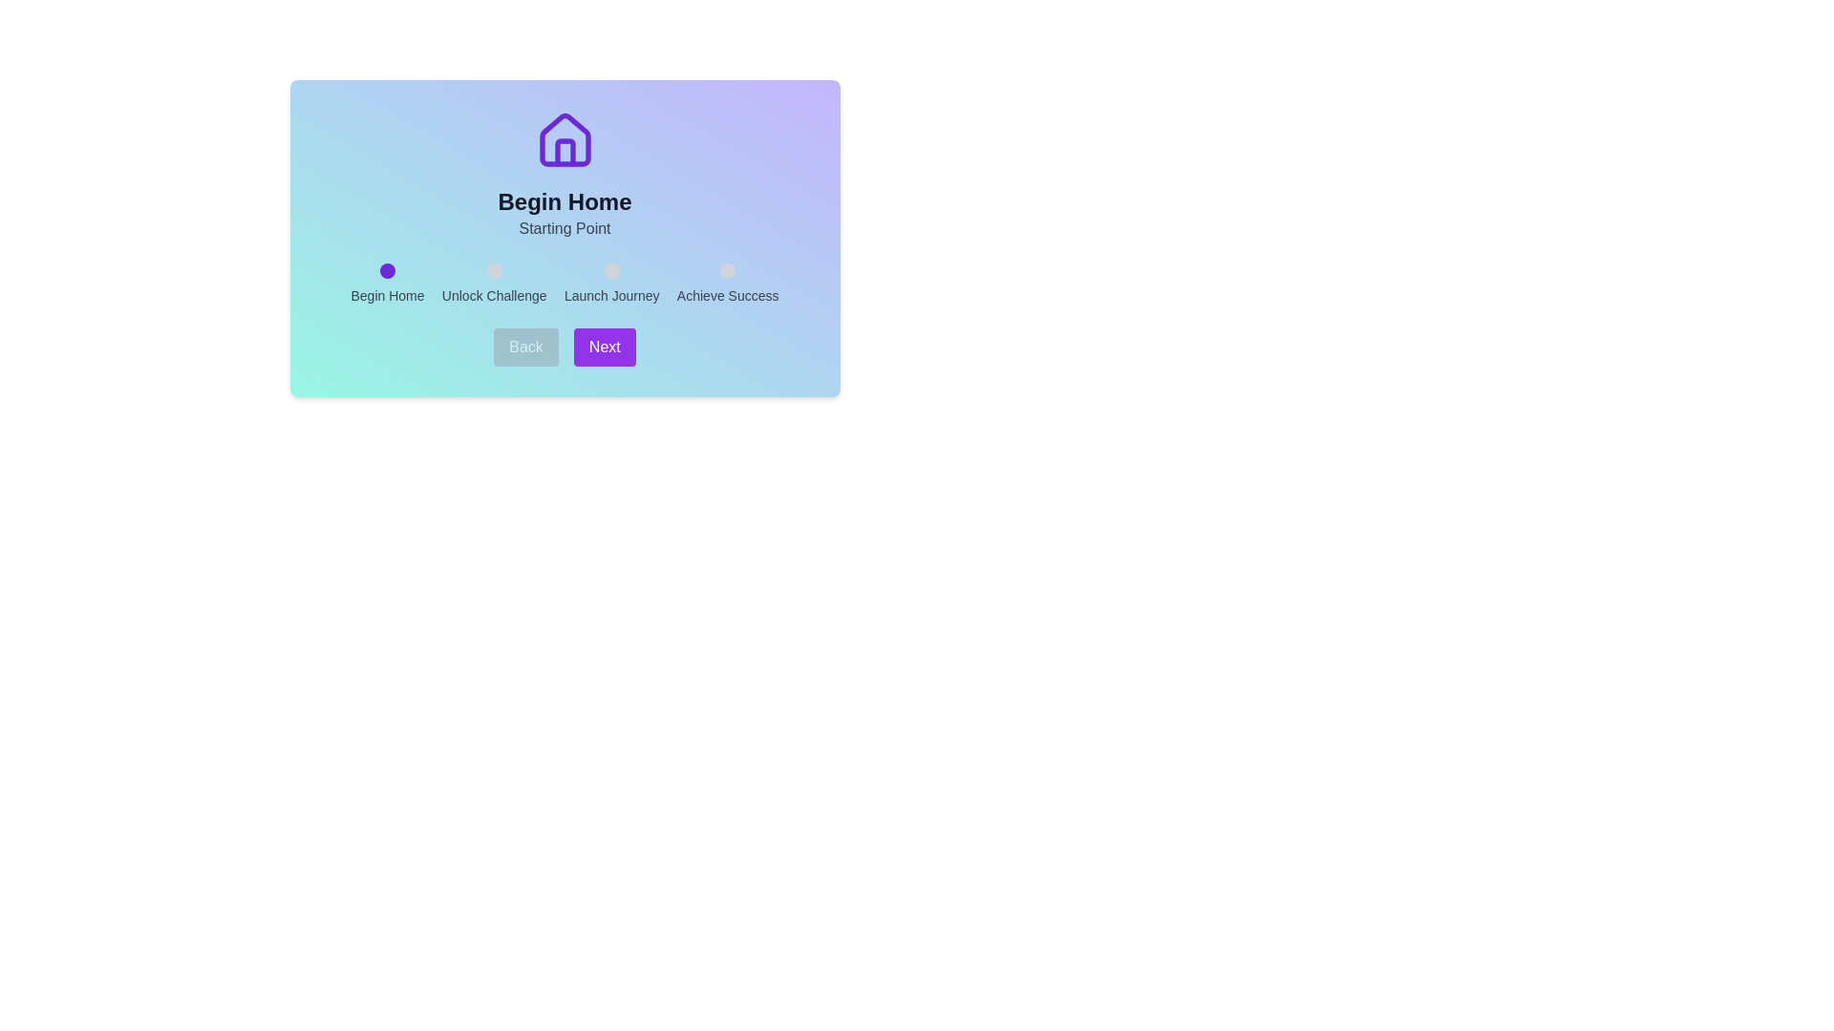 This screenshot has height=1031, width=1834. I want to click on the 'Next' button to navigate to the next step, so click(604, 347).